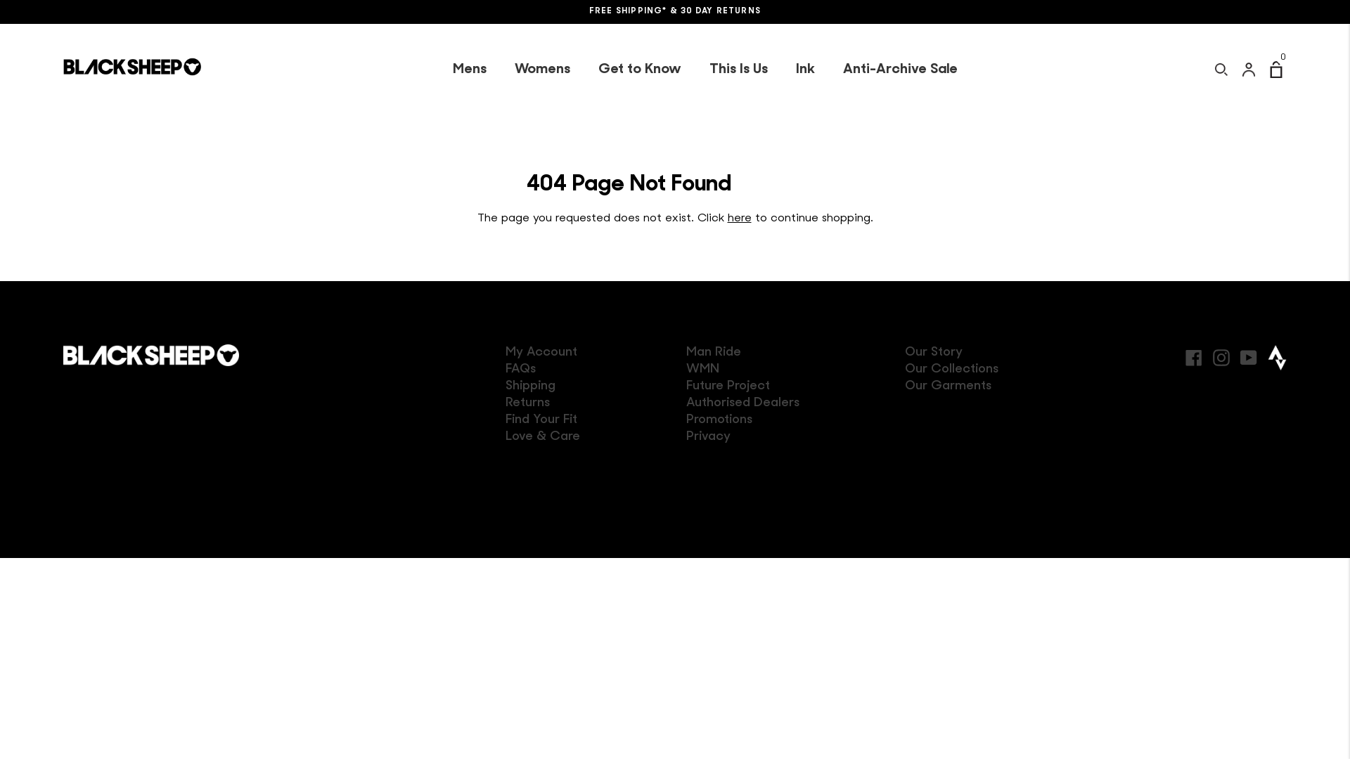  I want to click on 'Love & Care', so click(542, 436).